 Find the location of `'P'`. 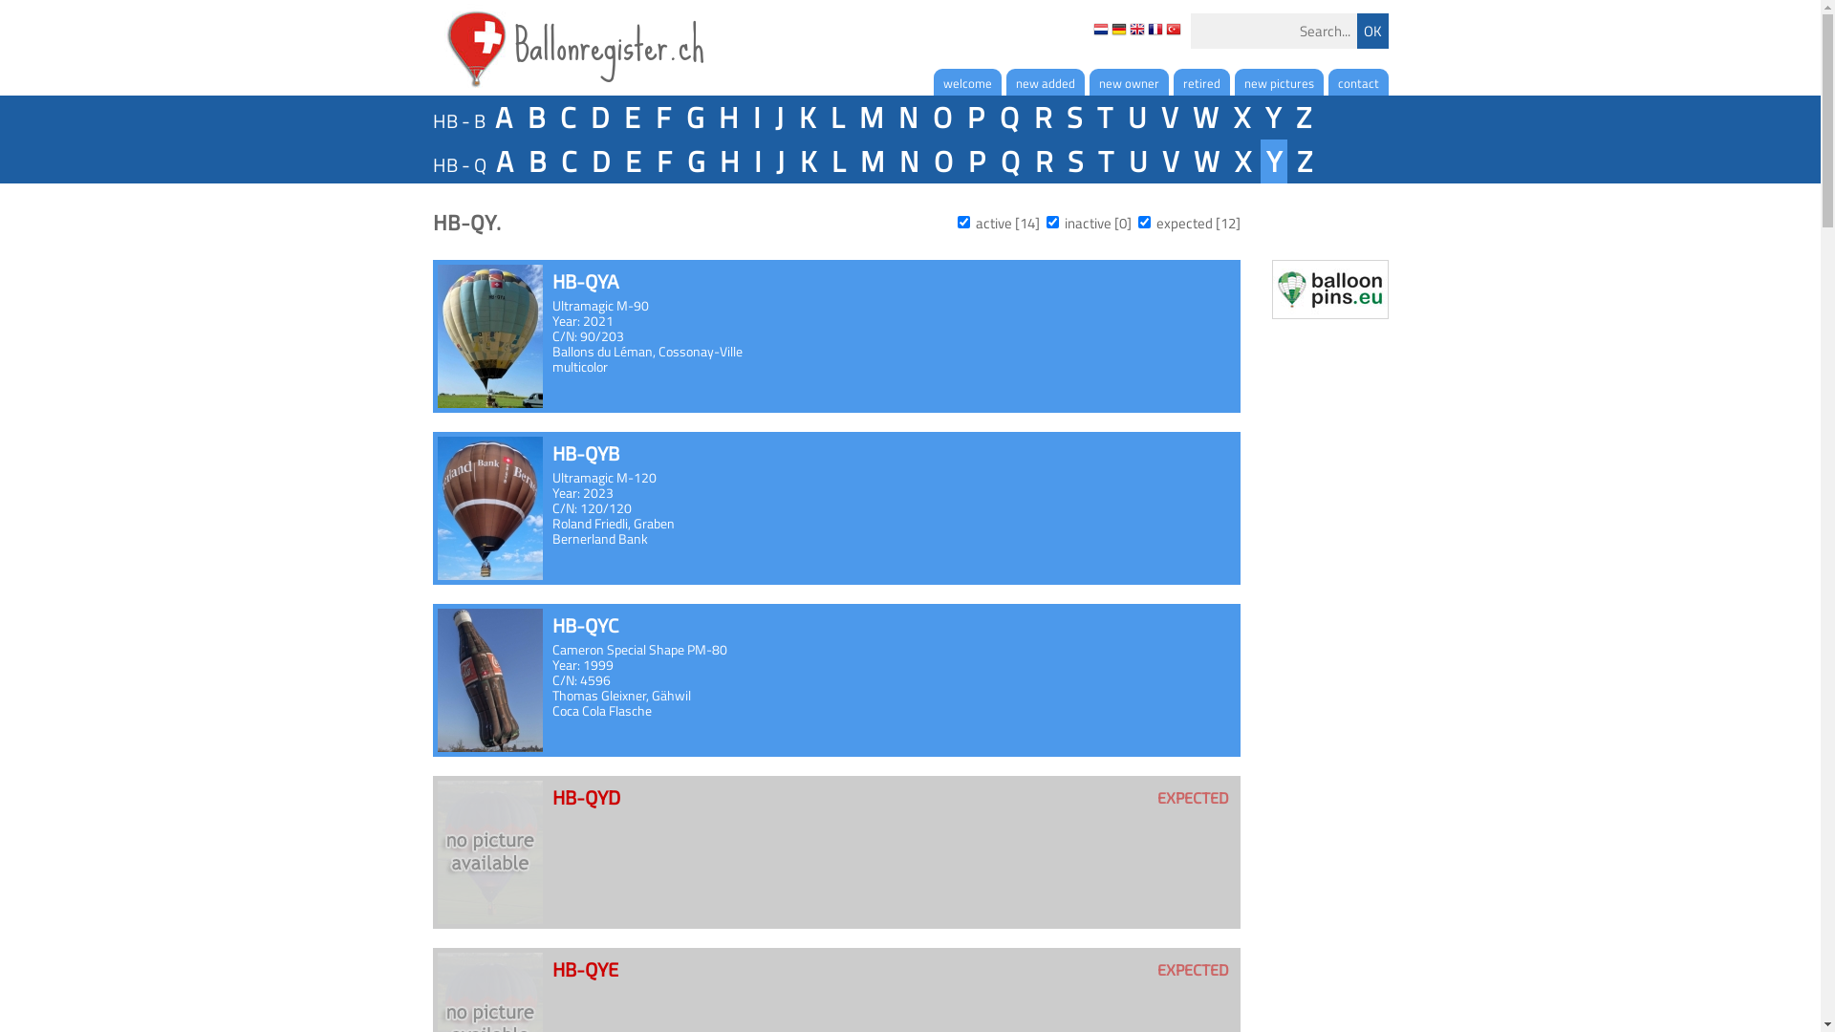

'P' is located at coordinates (976, 118).